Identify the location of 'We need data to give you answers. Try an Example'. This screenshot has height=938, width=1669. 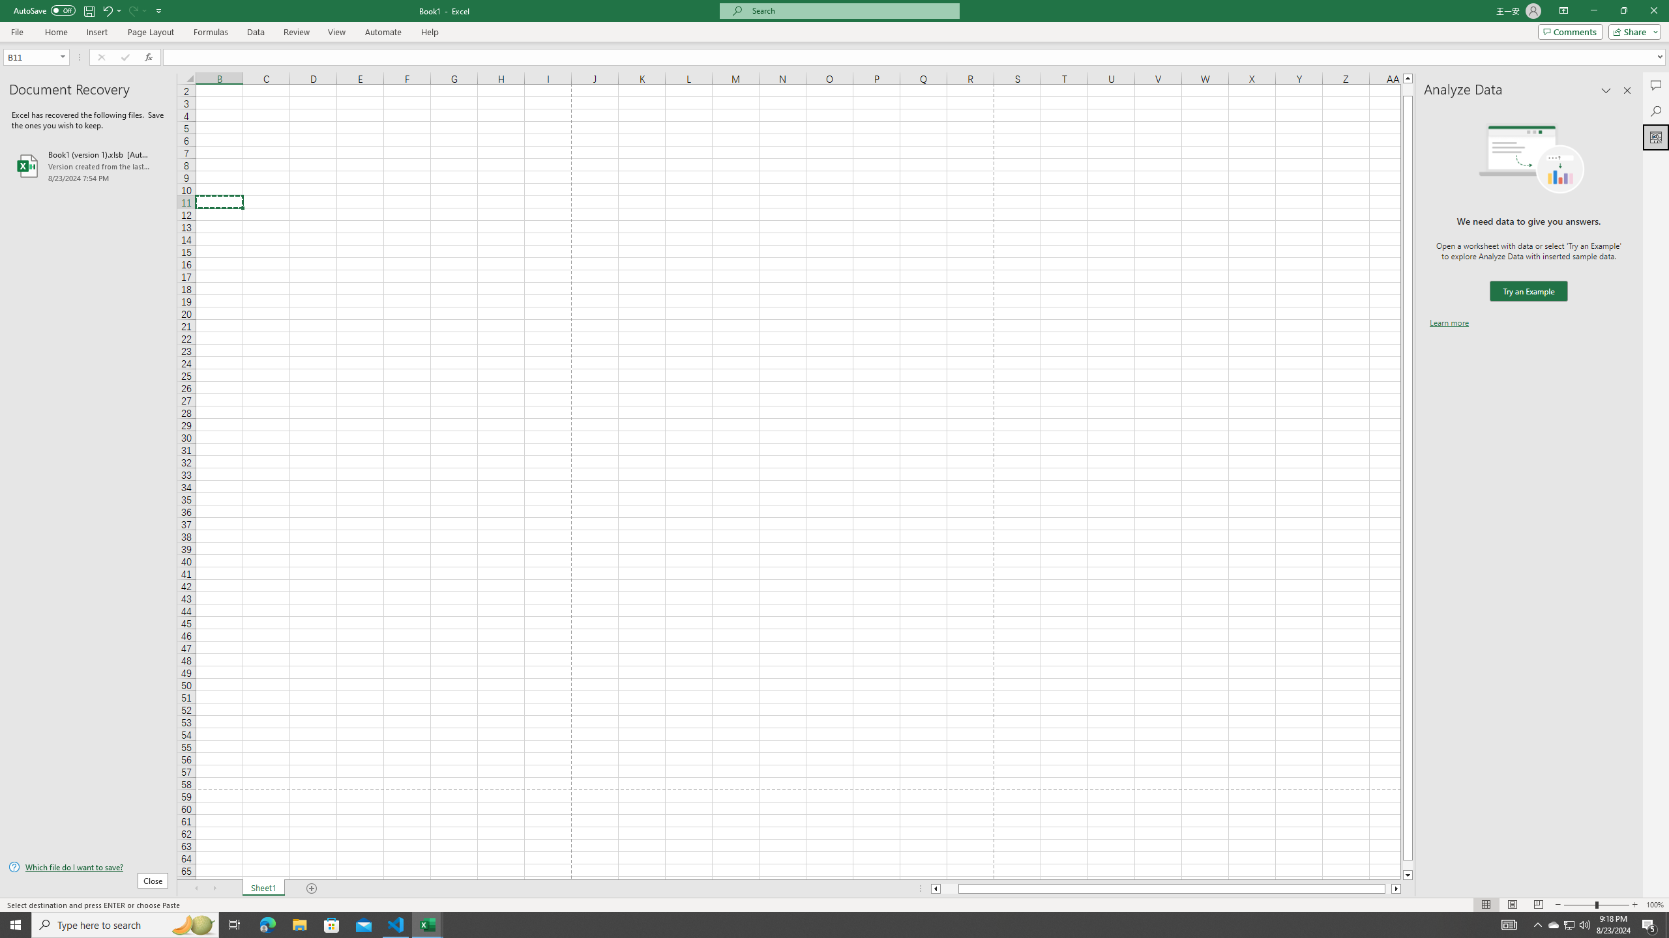
(1528, 291).